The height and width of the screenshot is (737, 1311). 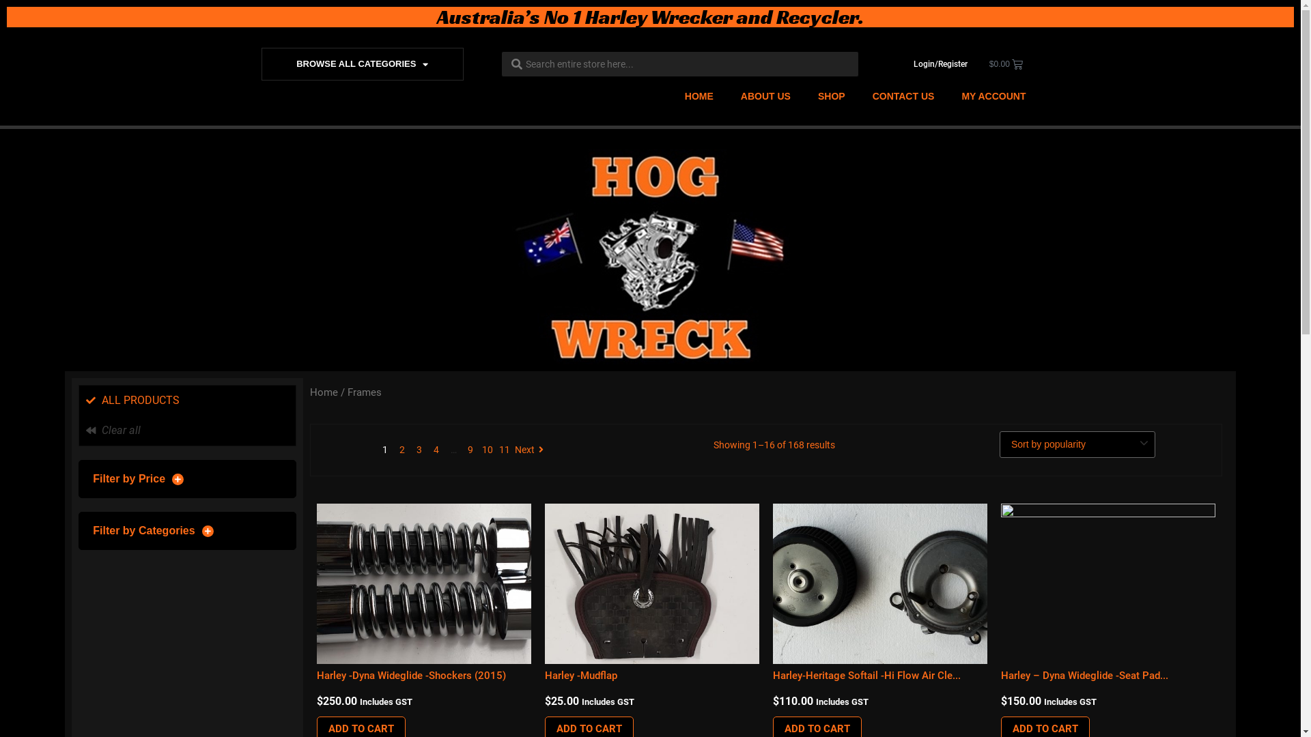 What do you see at coordinates (419, 450) in the screenshot?
I see `'3'` at bounding box center [419, 450].